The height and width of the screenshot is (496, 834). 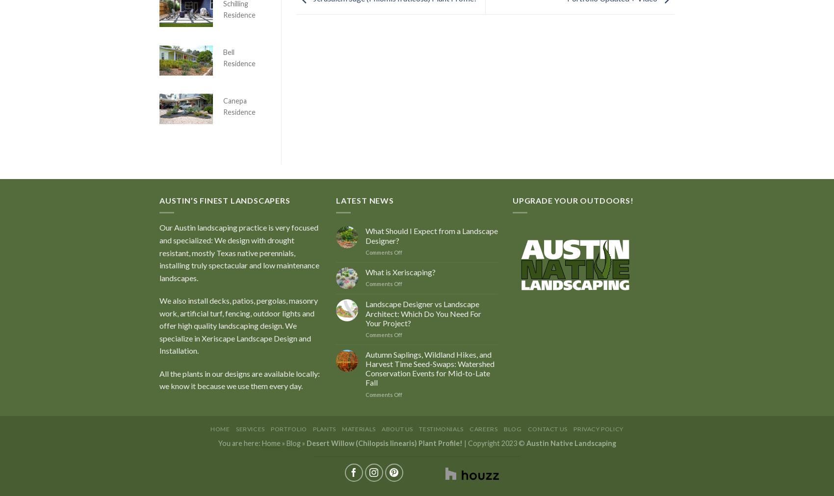 I want to click on 'Portfolio', so click(x=270, y=428).